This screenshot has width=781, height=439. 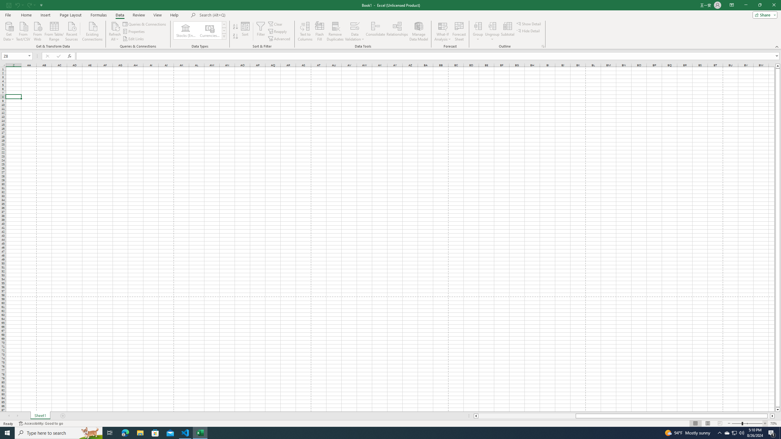 I want to click on 'Advanced...', so click(x=279, y=39).